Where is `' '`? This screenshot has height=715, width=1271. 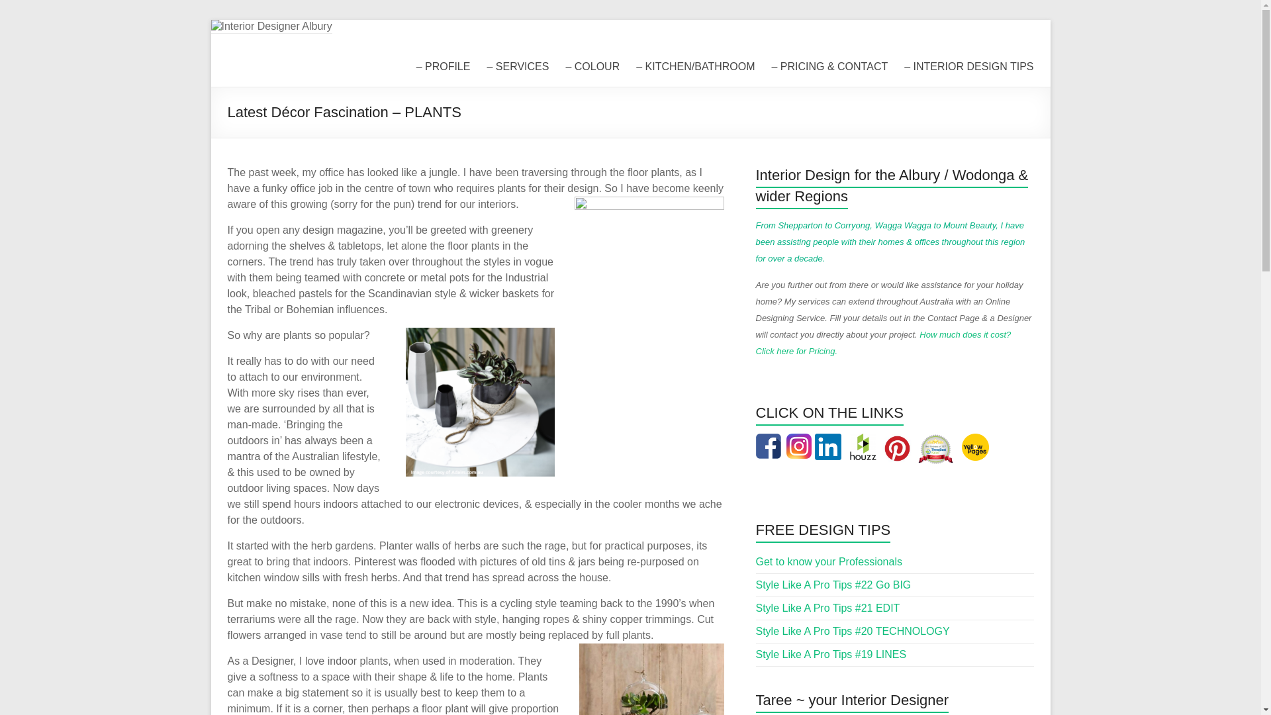 ' ' is located at coordinates (800, 441).